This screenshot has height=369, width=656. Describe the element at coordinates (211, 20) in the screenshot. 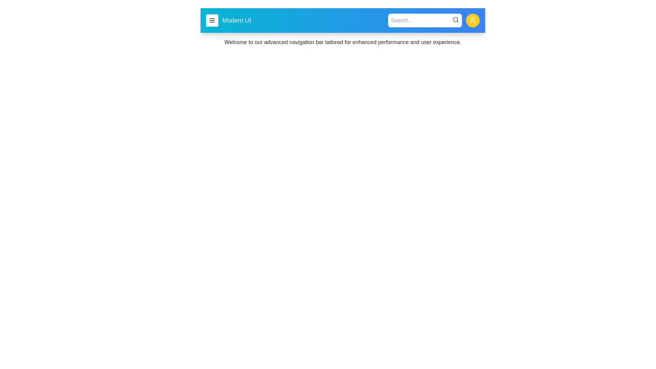

I see `the menu button to open the navigation options` at that location.